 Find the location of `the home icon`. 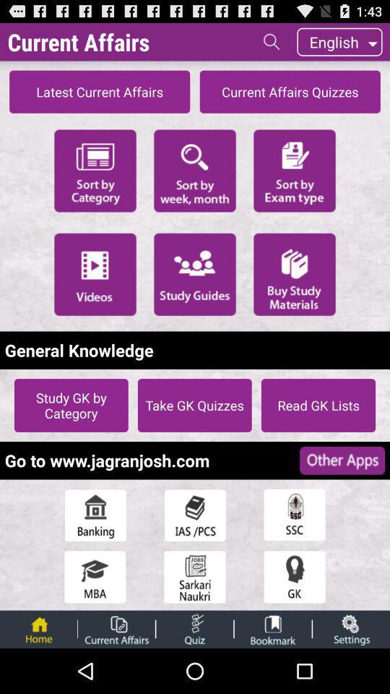

the home icon is located at coordinates (95, 550).